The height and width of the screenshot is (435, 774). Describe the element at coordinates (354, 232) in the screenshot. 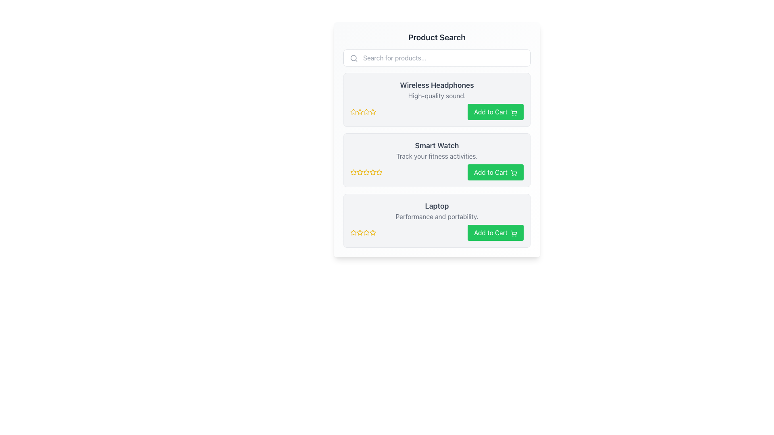

I see `the first yellow outlined star in the rating system located beneath the 'Laptop' description in the third product card` at that location.